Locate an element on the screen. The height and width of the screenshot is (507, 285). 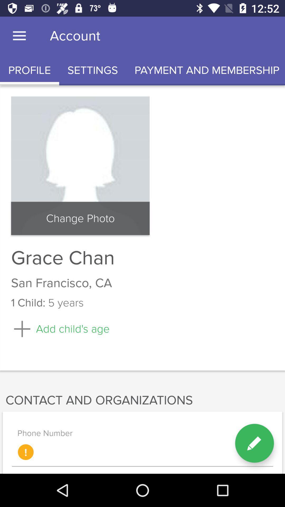
the add child s is located at coordinates (60, 328).